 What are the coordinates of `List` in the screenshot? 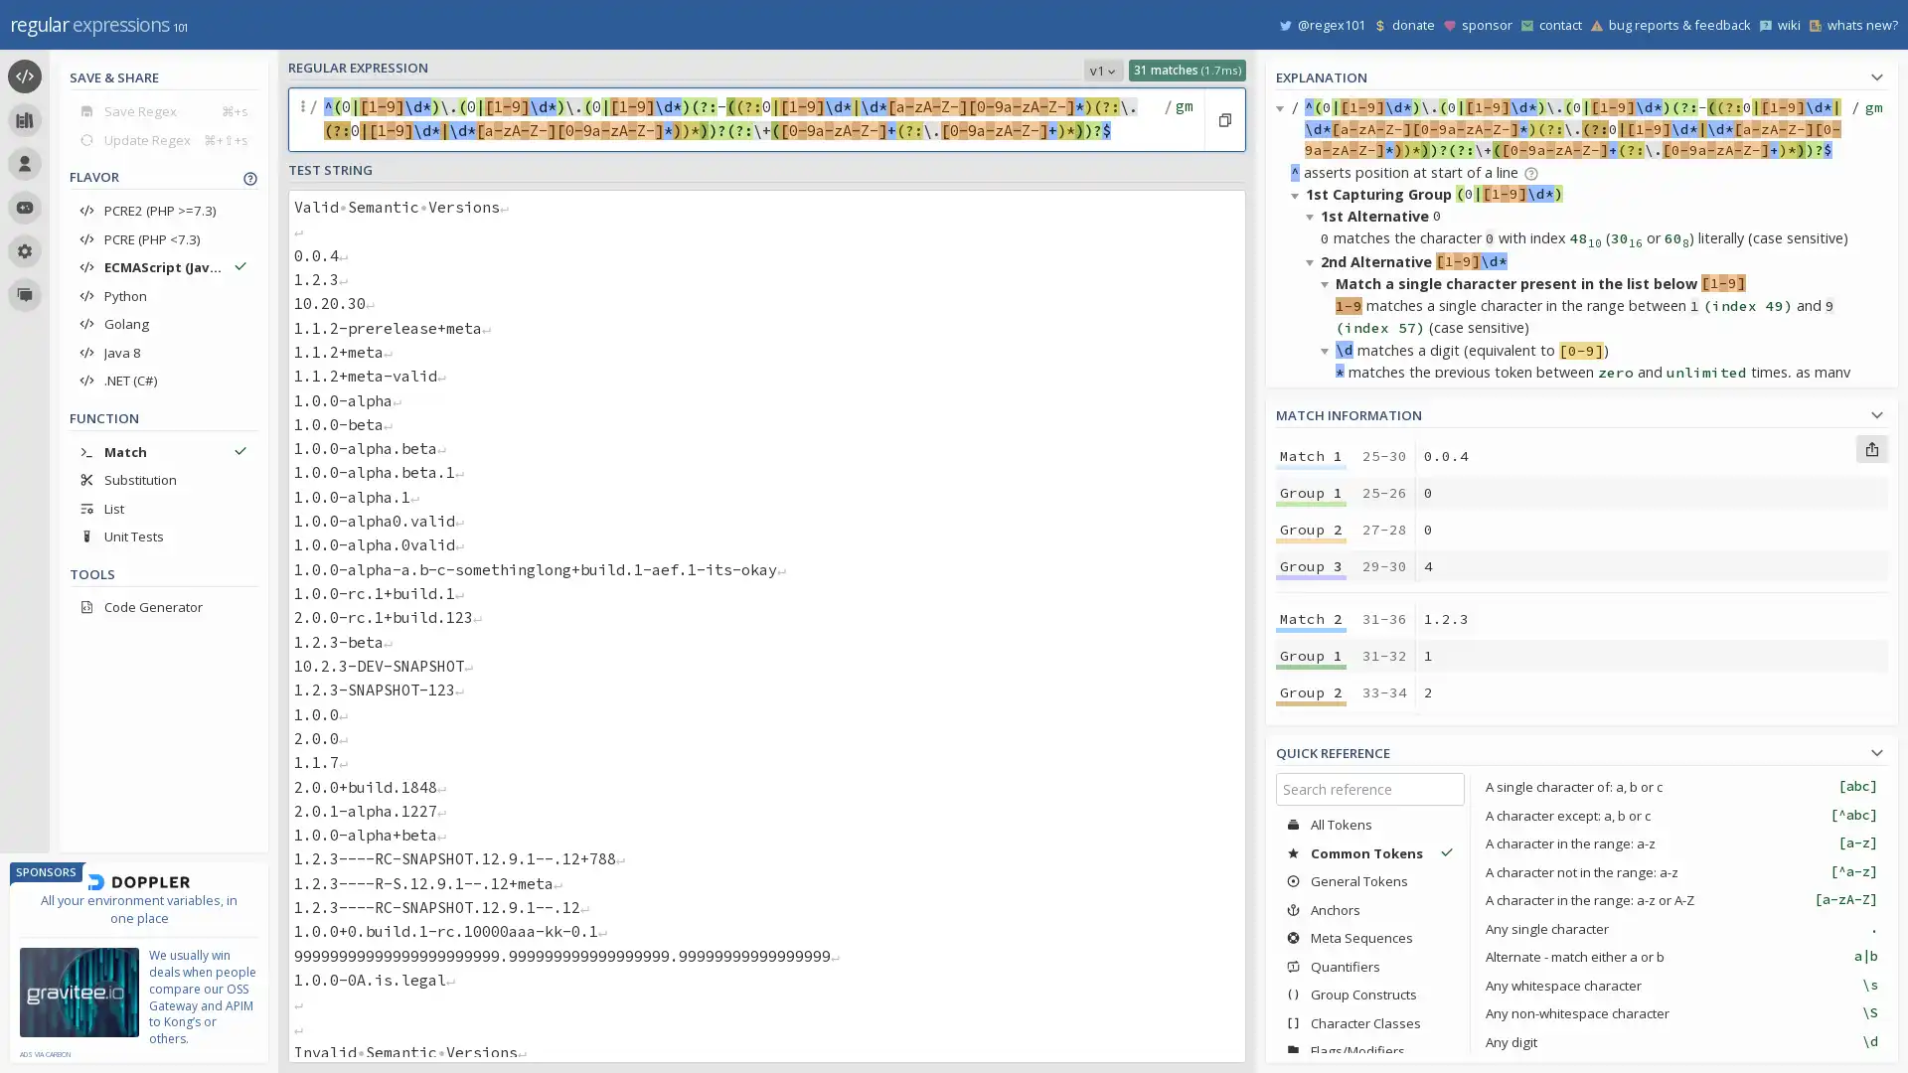 It's located at (163, 507).